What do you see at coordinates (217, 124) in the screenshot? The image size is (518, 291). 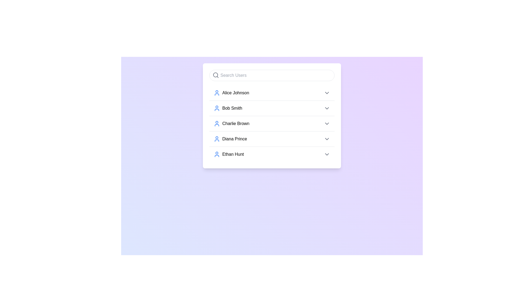 I see `the user icon representing 'Charlie Brown'` at bounding box center [217, 124].